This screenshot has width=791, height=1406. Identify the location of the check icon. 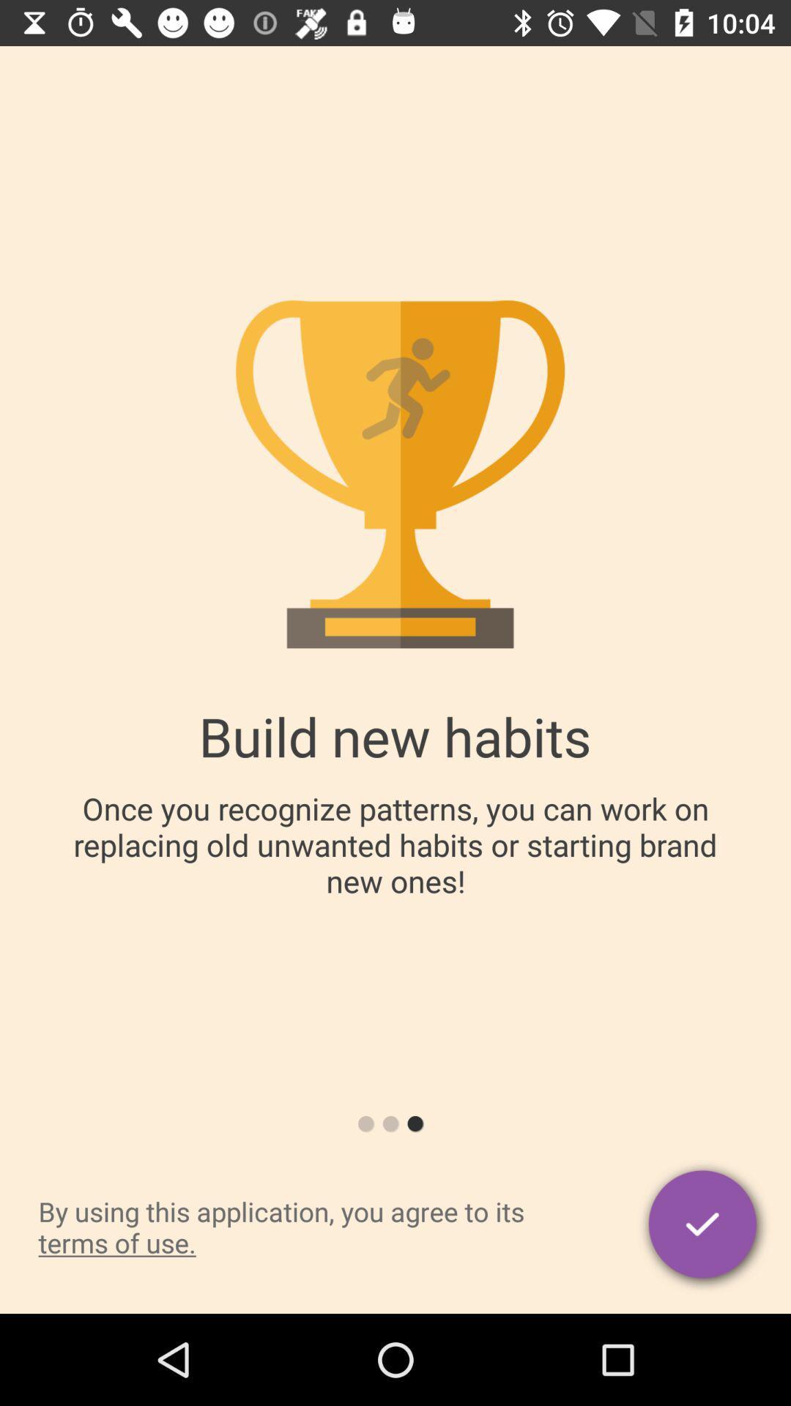
(703, 1227).